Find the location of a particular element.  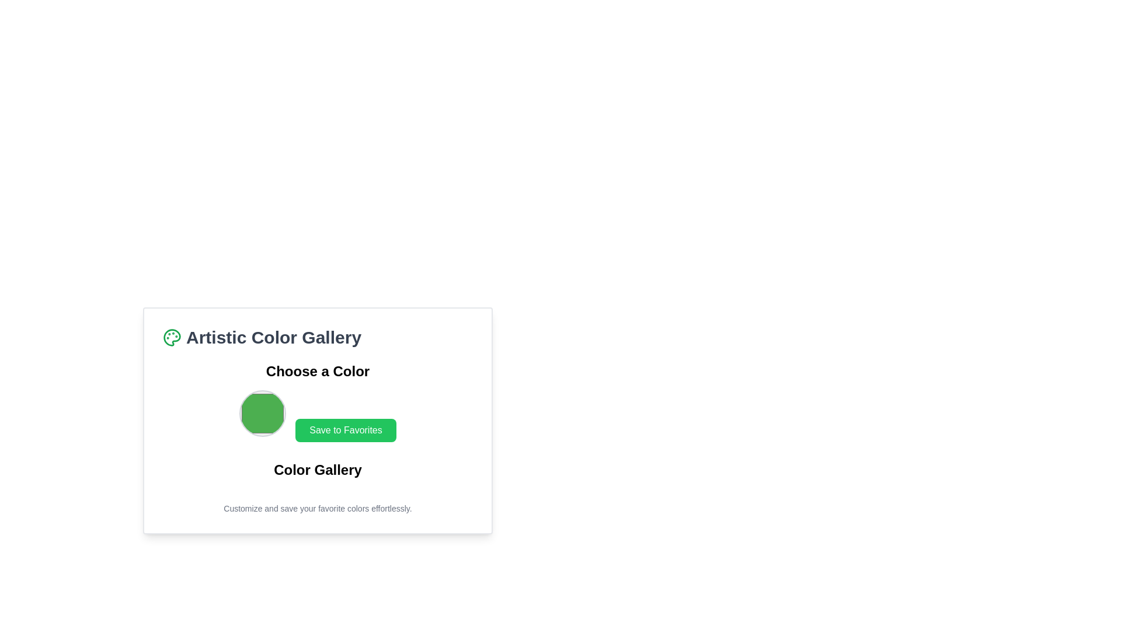

the text label displaying 'Color Gallery' which is bold and slightly larger, located directly below the 'Save to Favorites' button is located at coordinates (318, 470).